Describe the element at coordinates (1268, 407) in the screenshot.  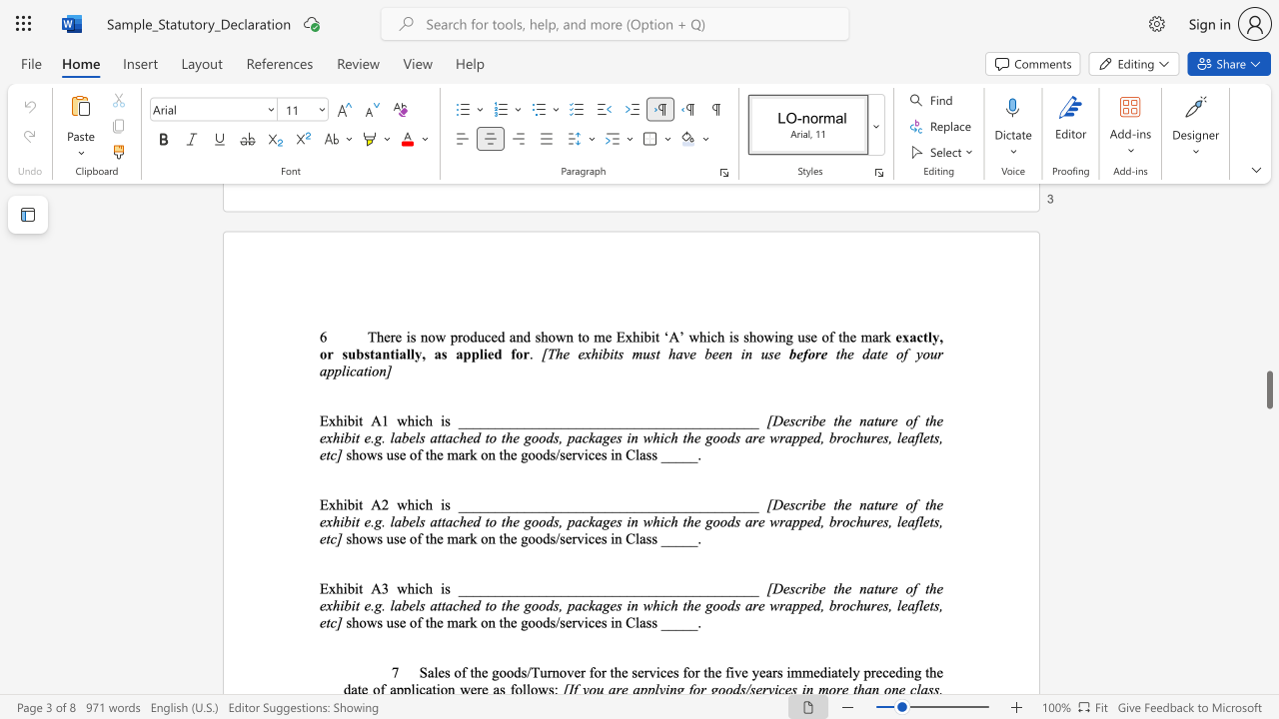
I see `the scrollbar to scroll the page up` at that location.